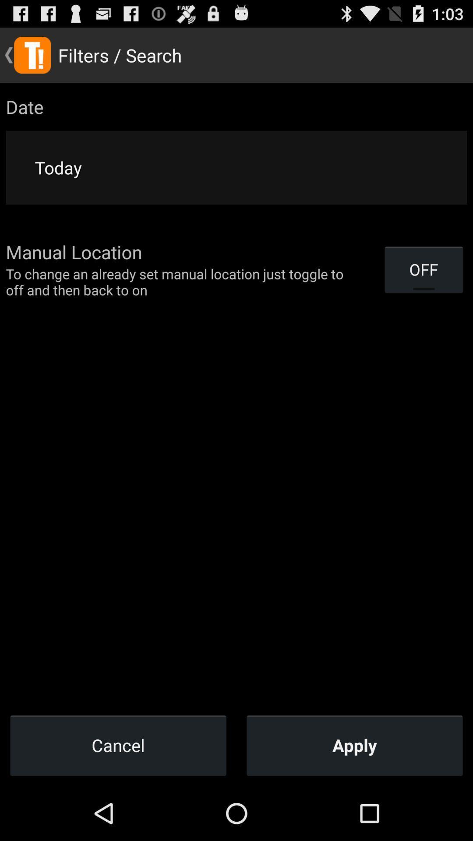 Image resolution: width=473 pixels, height=841 pixels. Describe the element at coordinates (118, 745) in the screenshot. I see `cancel item` at that location.